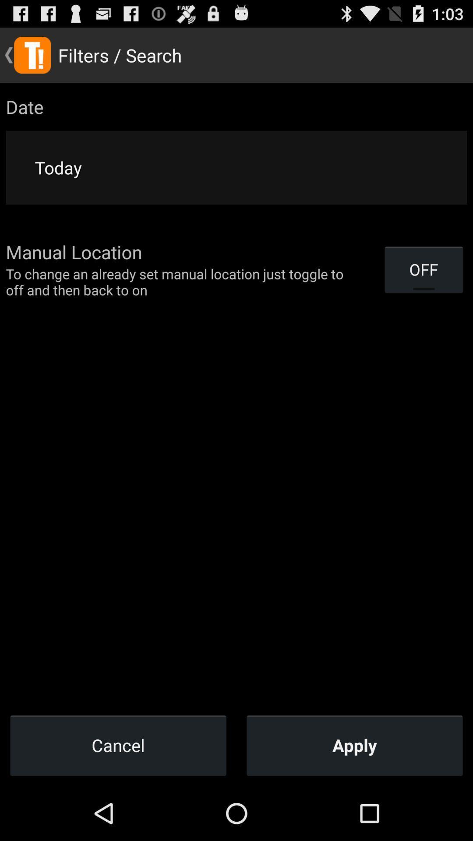 Image resolution: width=473 pixels, height=841 pixels. Describe the element at coordinates (118, 745) in the screenshot. I see `cancel item` at that location.